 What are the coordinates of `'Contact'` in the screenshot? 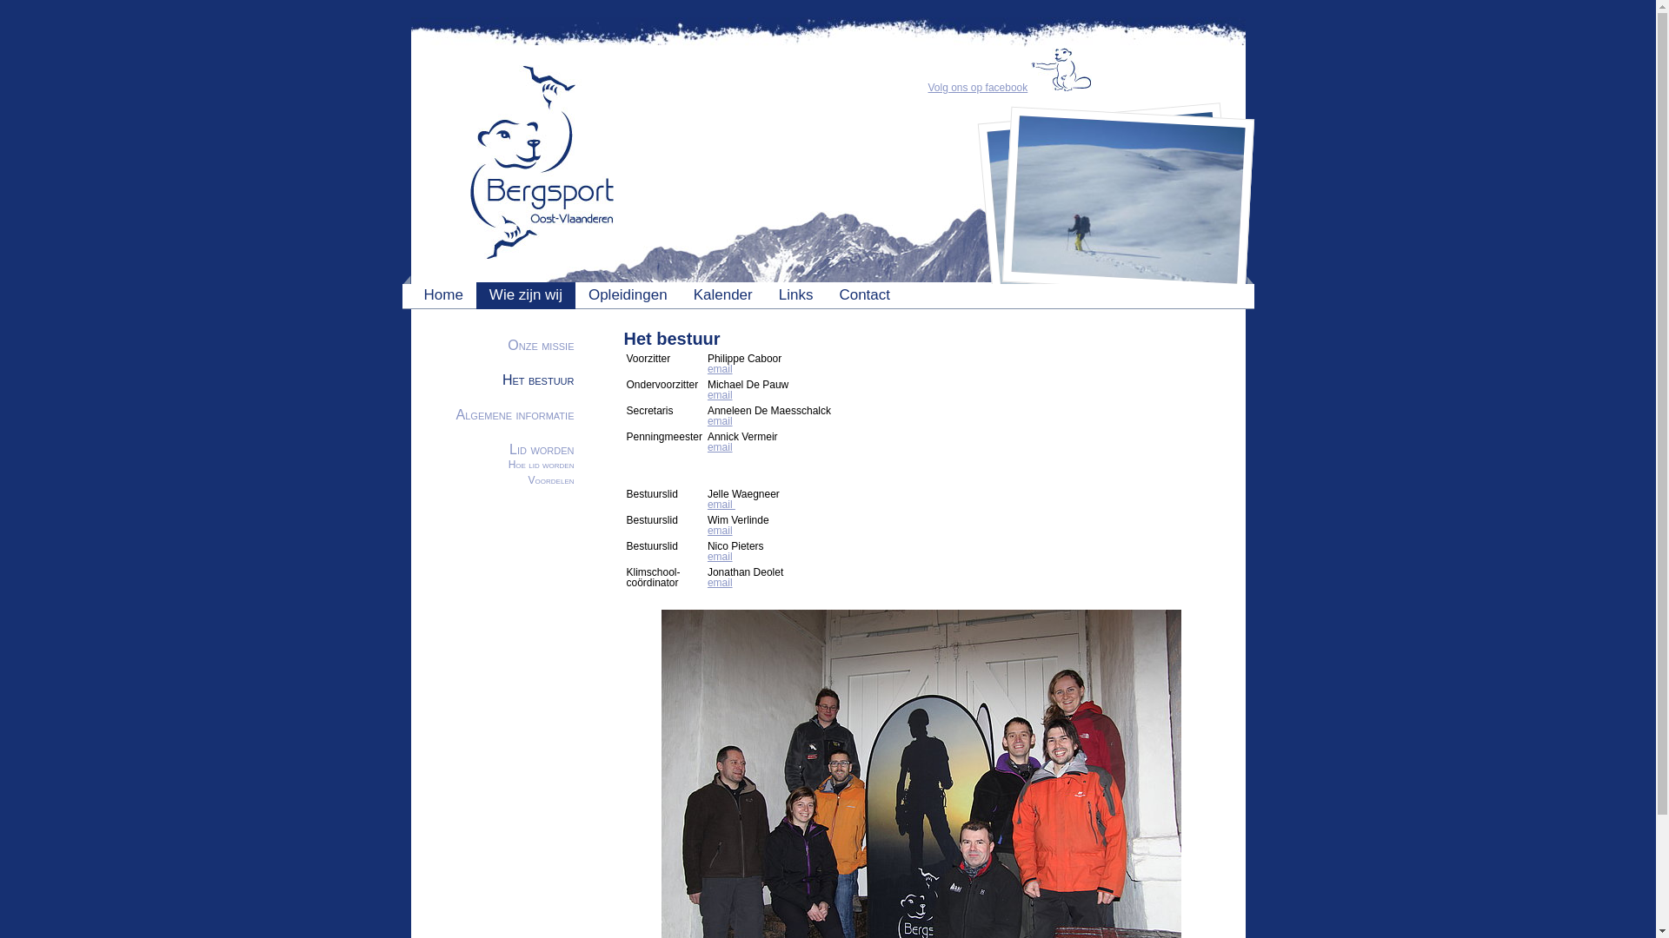 It's located at (864, 294).